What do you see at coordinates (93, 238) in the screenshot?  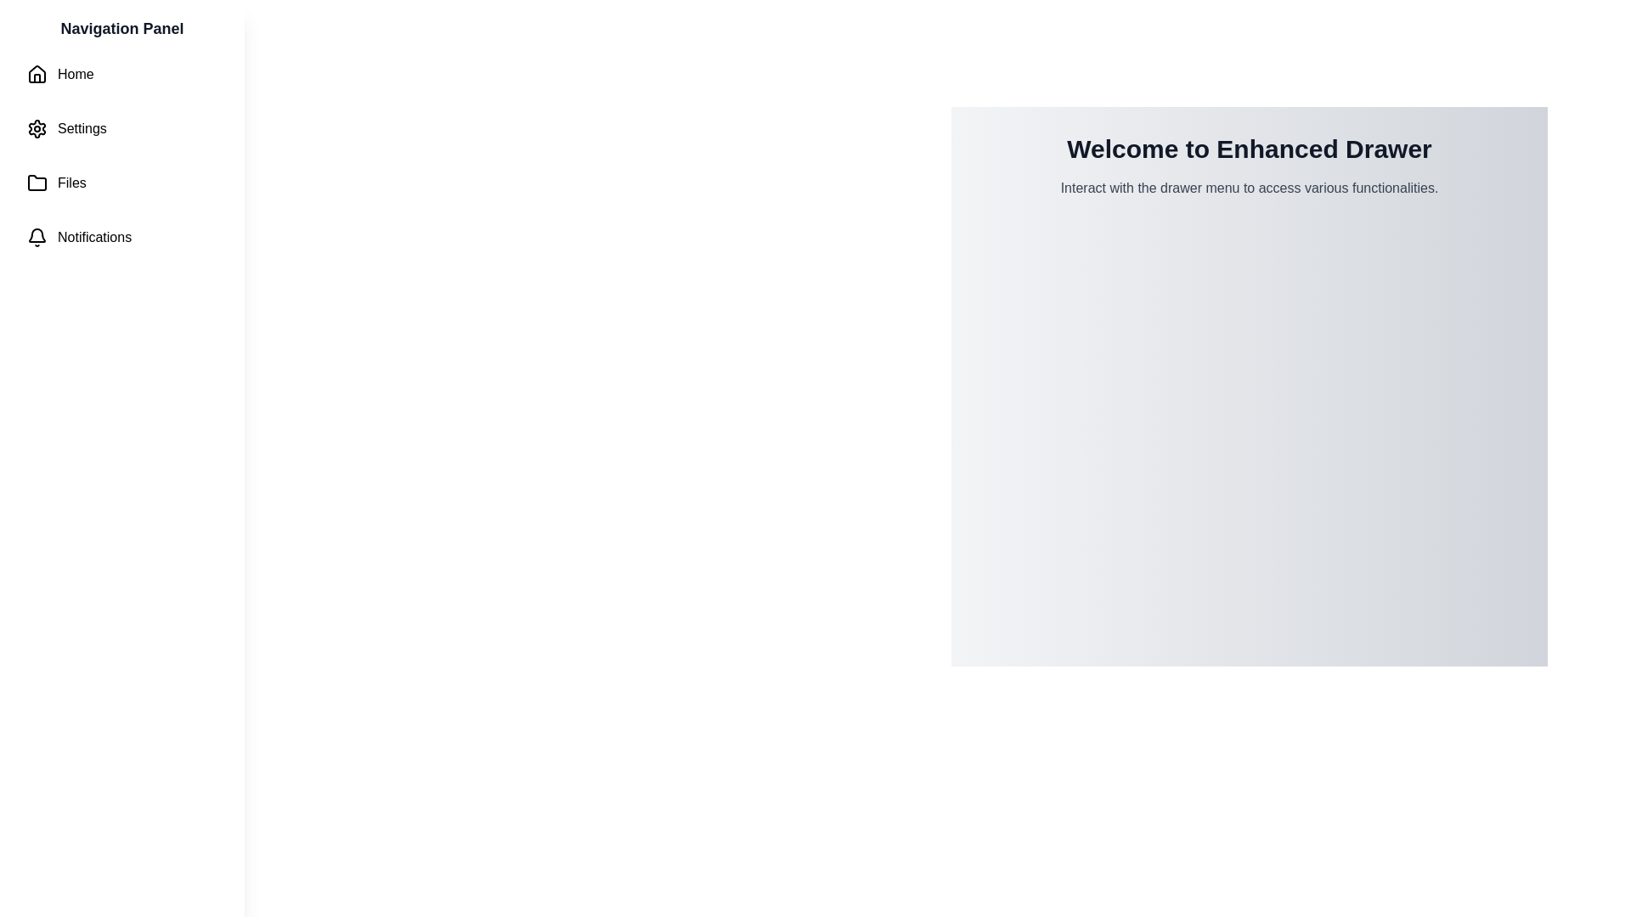 I see `the 'Notifications' text label located in the left-side navigation panel below 'Home', 'Settings', and 'Files', which is adjacent to a bell icon` at bounding box center [93, 238].